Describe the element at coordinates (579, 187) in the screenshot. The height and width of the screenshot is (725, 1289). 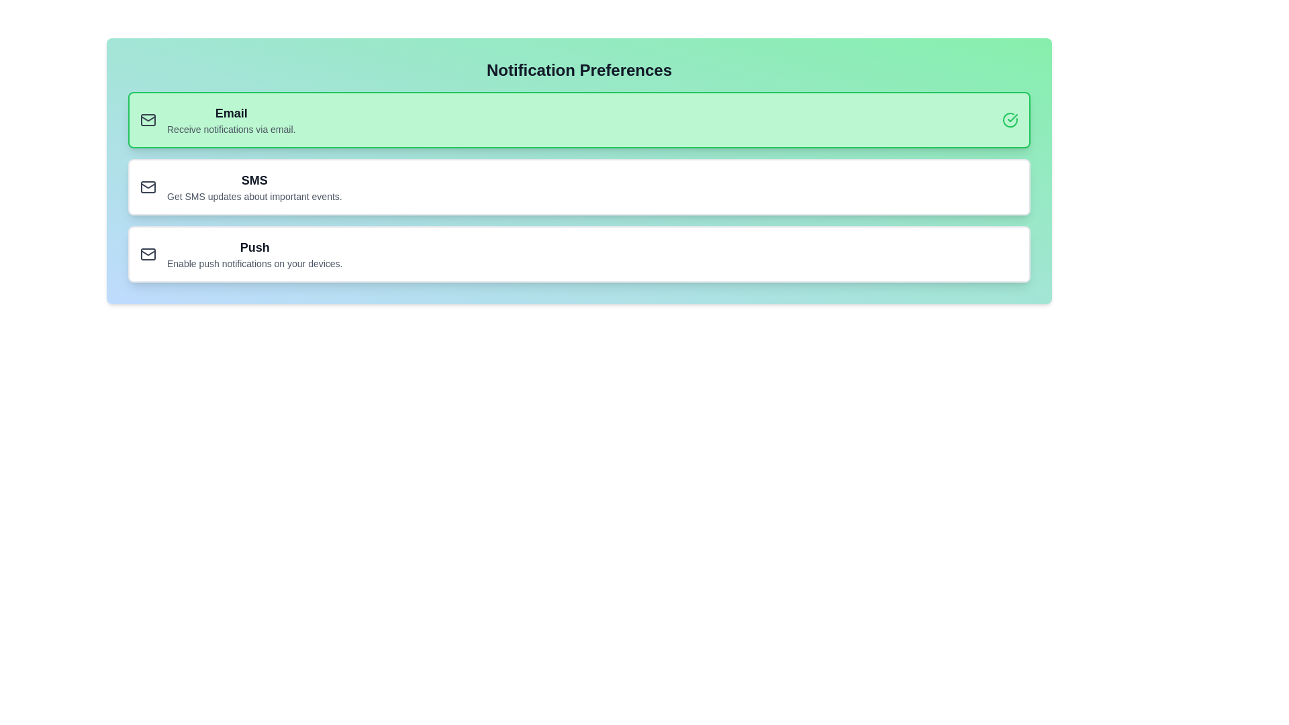
I see `the option box` at that location.